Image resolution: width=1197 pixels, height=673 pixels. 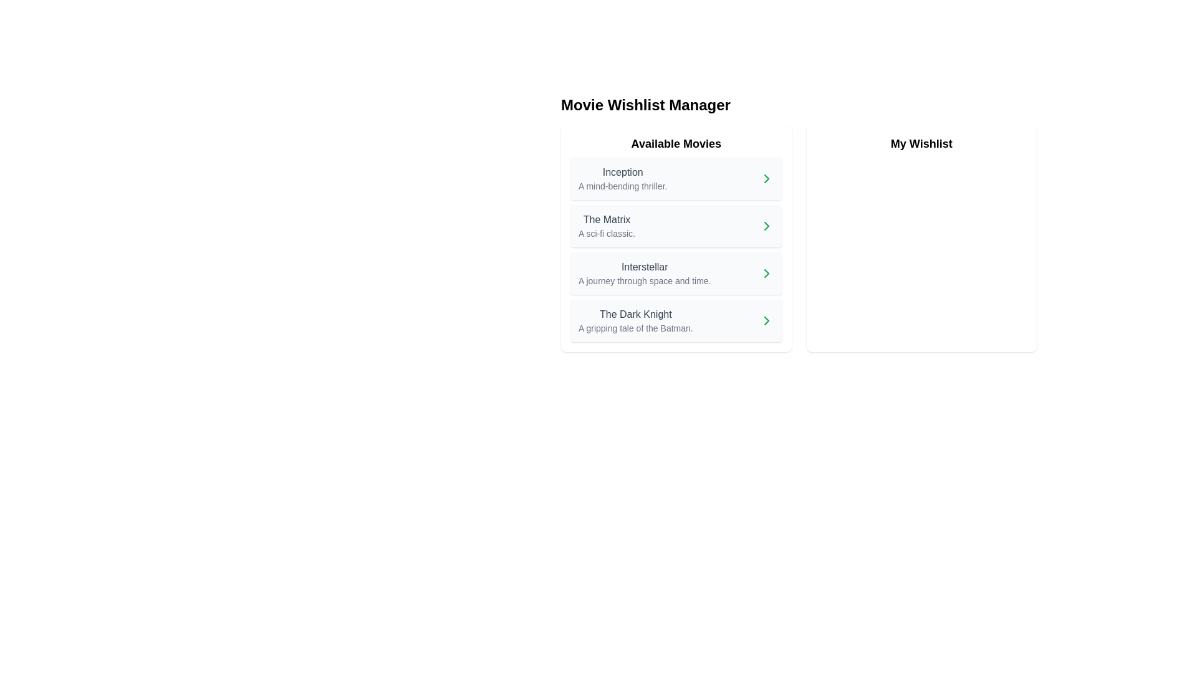 What do you see at coordinates (921, 143) in the screenshot?
I see `the Label or static text header that serves as the title indication for its section, located on the right side of the layout adjacent to 'Available Movies'` at bounding box center [921, 143].